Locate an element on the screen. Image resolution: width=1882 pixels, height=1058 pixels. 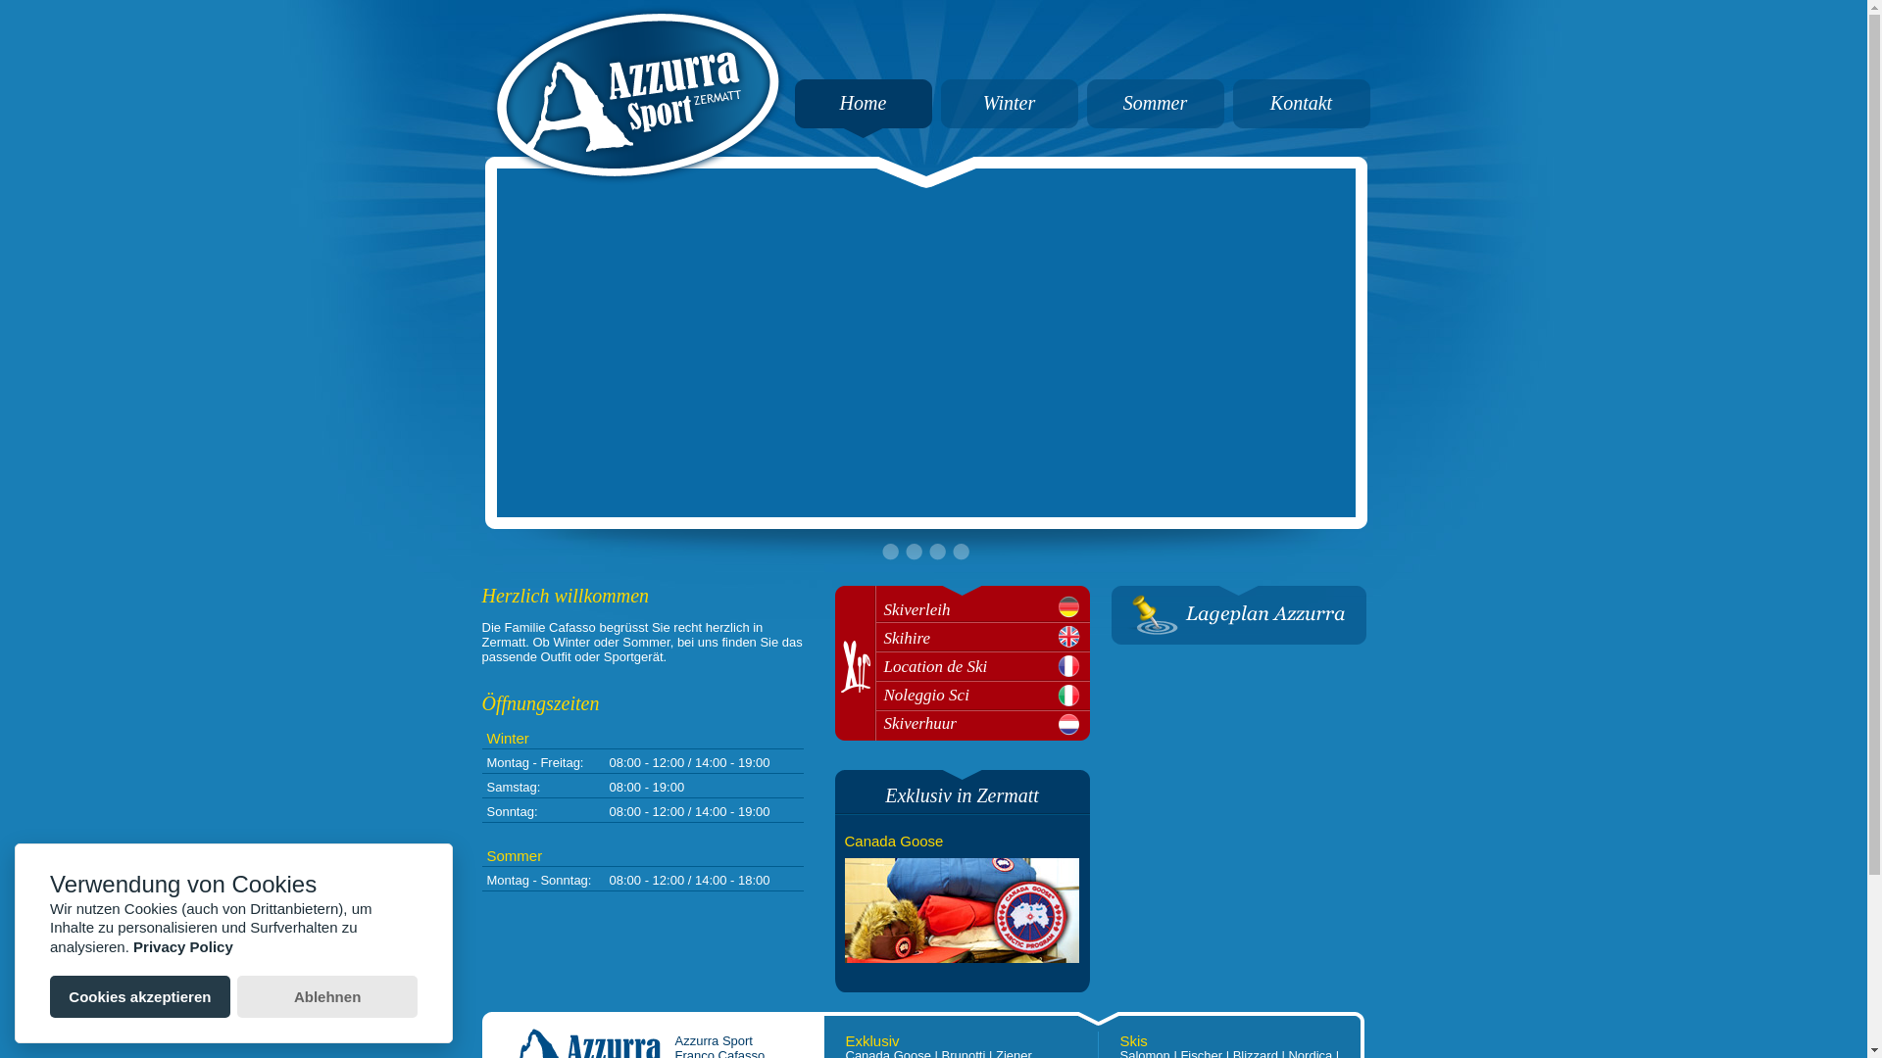
'Skiverhuur' is located at coordinates (987, 723).